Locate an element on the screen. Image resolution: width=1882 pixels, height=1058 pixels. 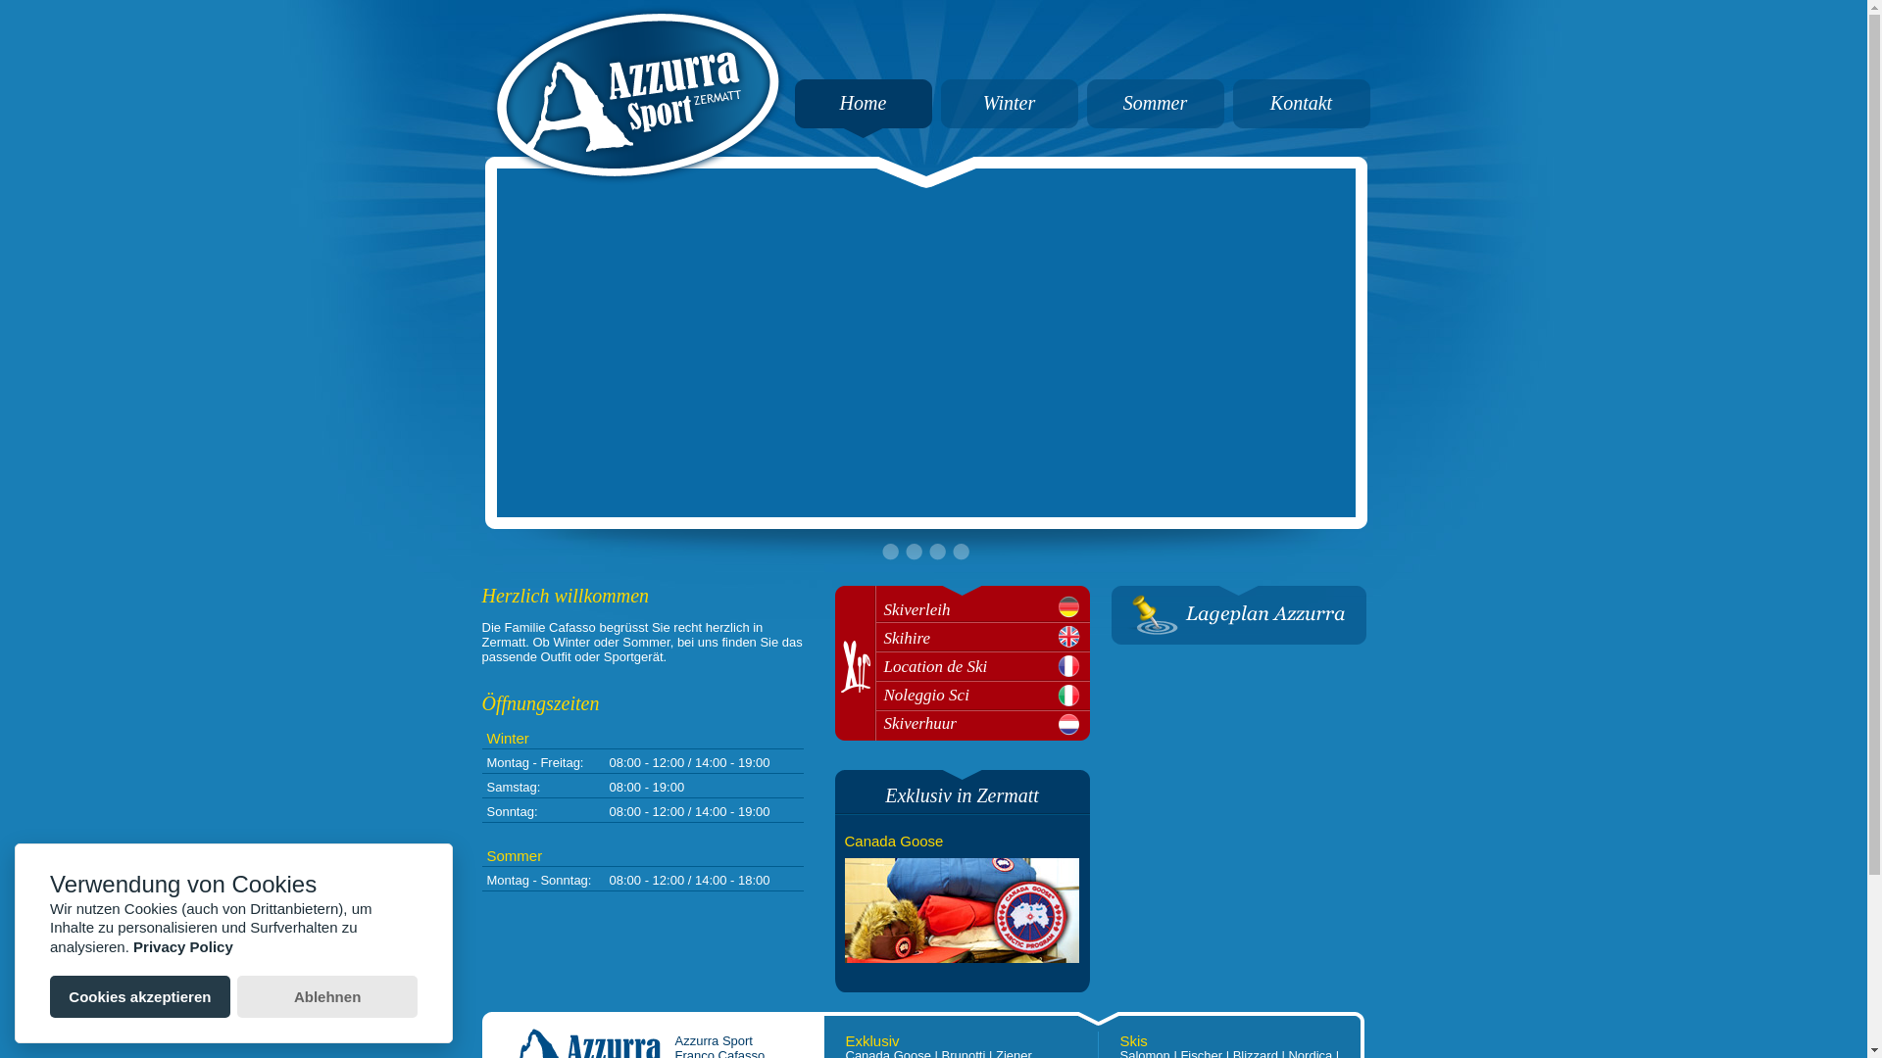
'Skiverhuur' is located at coordinates (987, 723).